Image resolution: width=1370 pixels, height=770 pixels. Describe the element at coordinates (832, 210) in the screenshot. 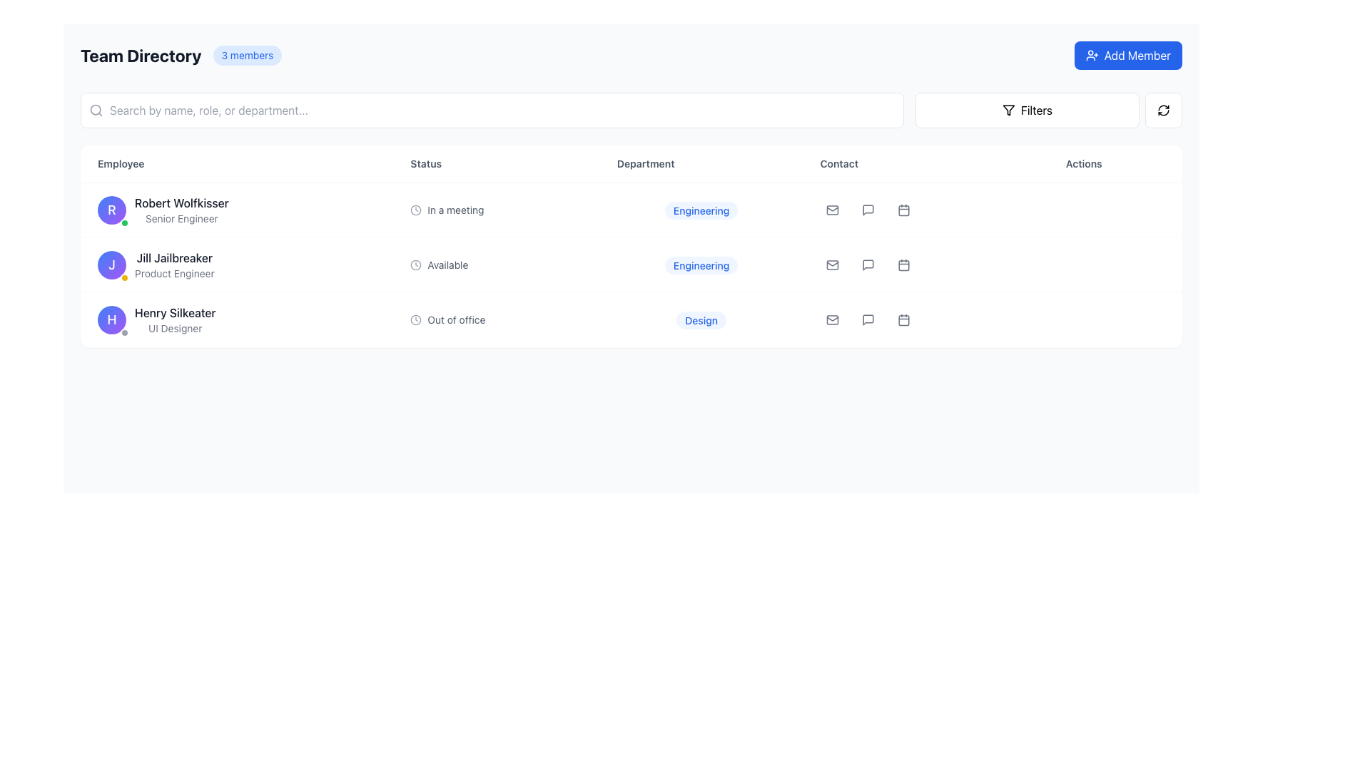

I see `the email icon in the 'Contact' column for the user 'Robert Wolfkisser', which is the first entry in that column` at that location.